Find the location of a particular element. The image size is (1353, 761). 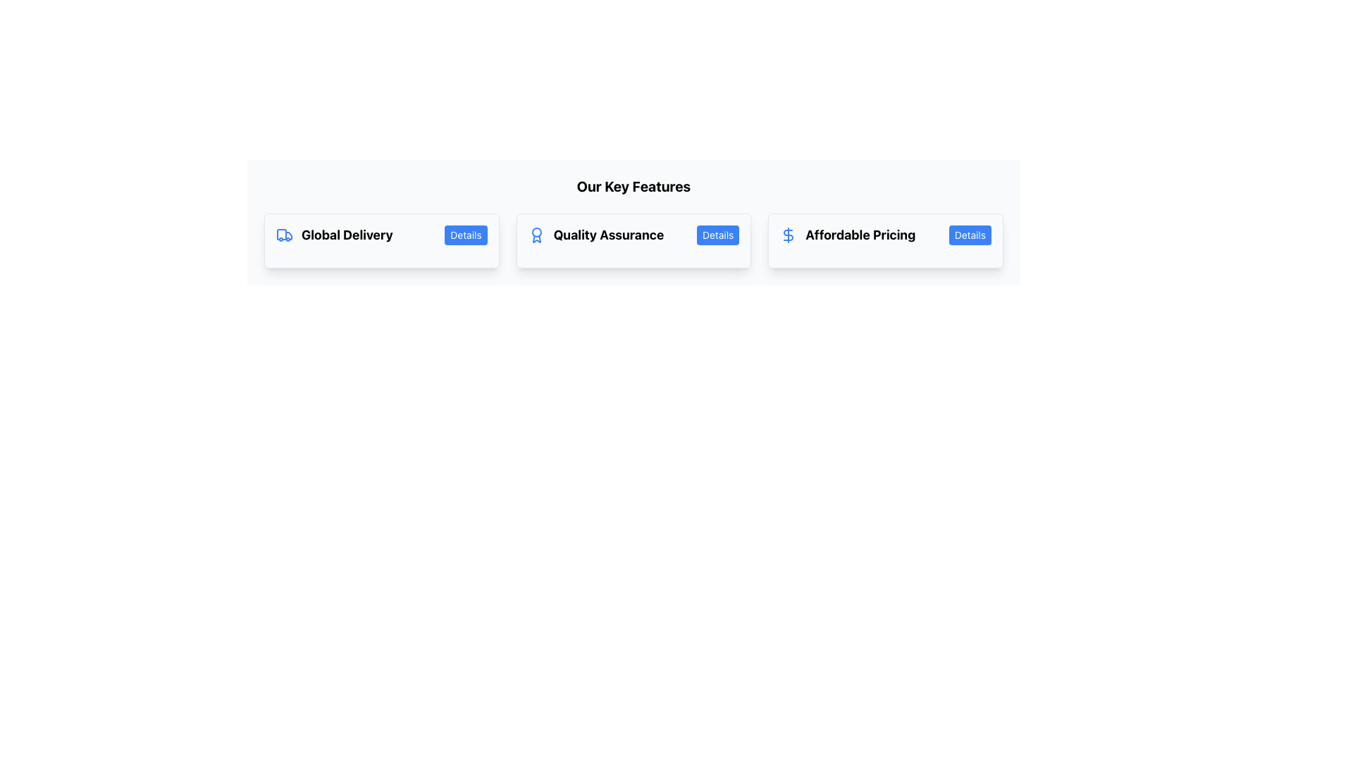

bold text label displaying 'Affordable Pricing' located to the right of a blue dollar icon and to the left of a 'Details' button in the center-right of the horizontal feature row is located at coordinates (860, 235).